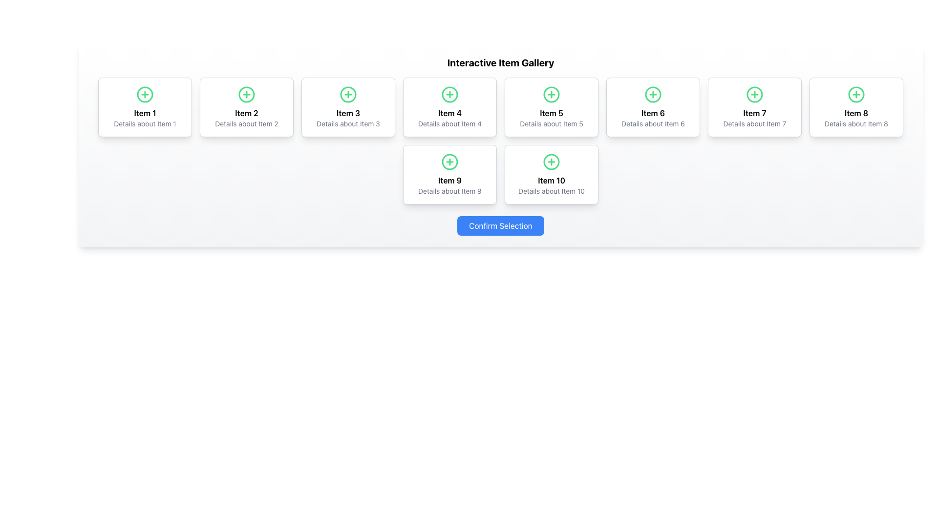 This screenshot has height=527, width=938. Describe the element at coordinates (551, 94) in the screenshot. I see `the circular '+' icon located on the card titled 'Item 5' in the top row and fifth column of the item gallery` at that location.